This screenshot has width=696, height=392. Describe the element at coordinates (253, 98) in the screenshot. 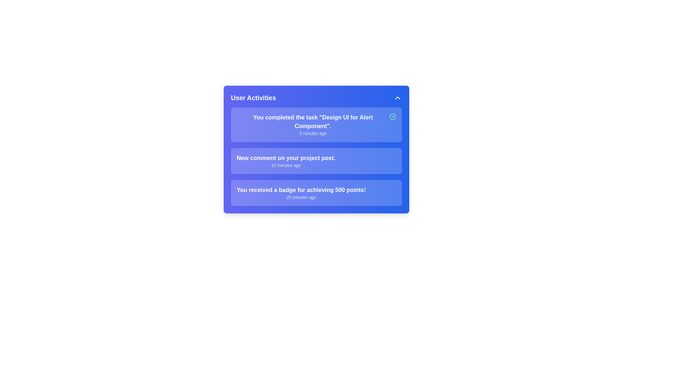

I see `text content of the 'User Activities' label, which is a prominent white bold font on a purple background, located at the top-left corner of its card-like component` at that location.